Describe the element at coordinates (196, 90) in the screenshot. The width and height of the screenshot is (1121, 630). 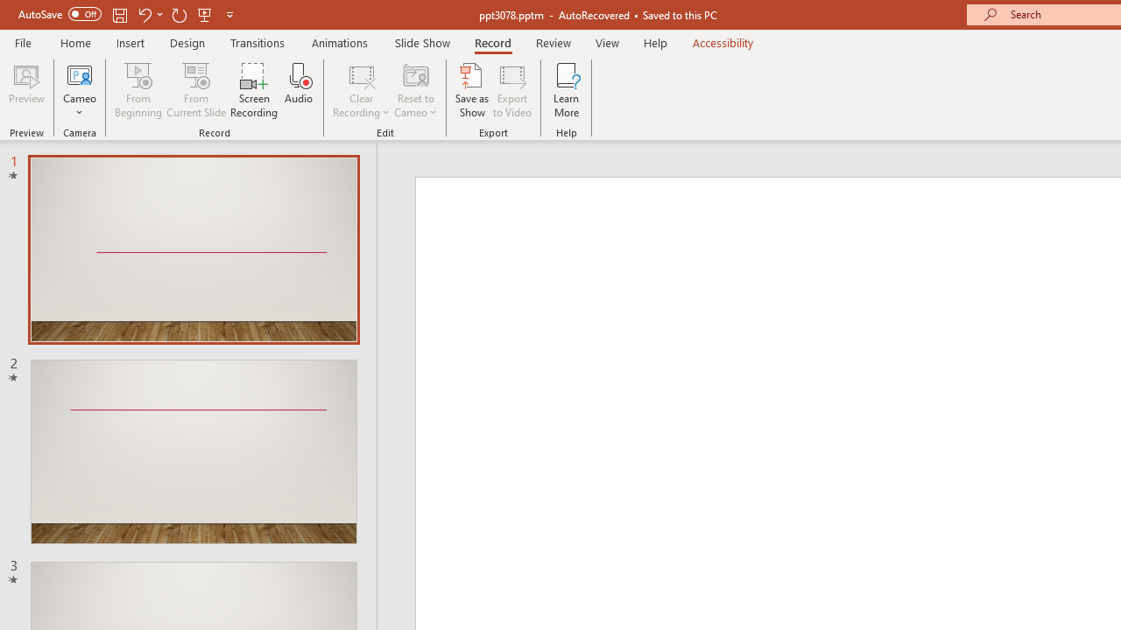
I see `'From Current Slide...'` at that location.